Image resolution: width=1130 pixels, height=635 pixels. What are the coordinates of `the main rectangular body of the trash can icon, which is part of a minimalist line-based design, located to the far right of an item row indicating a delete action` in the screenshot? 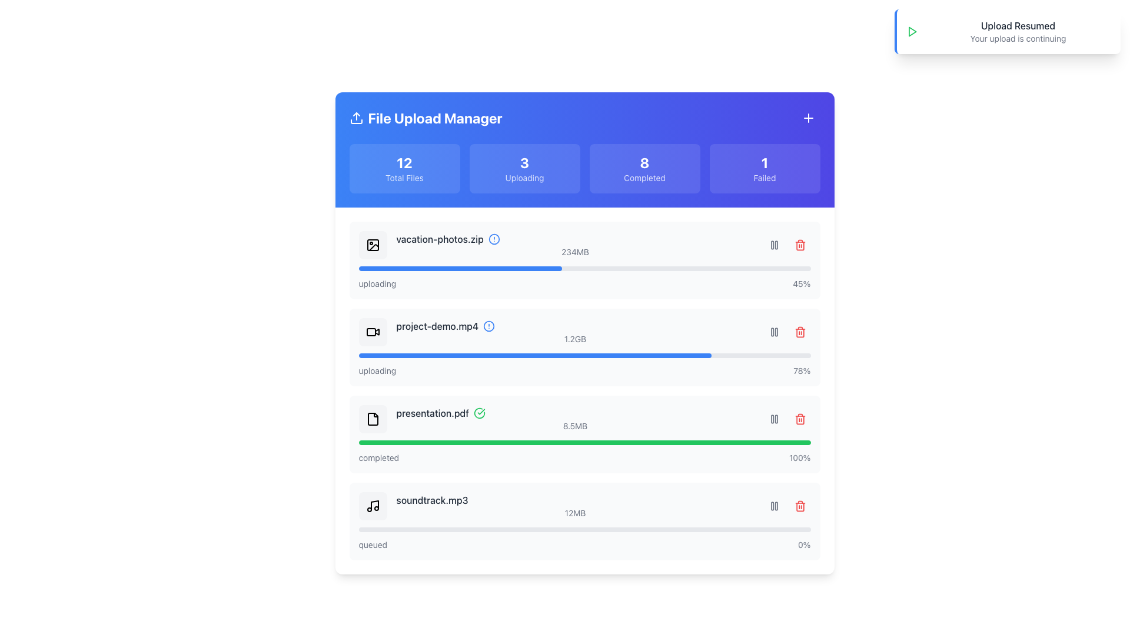 It's located at (800, 333).